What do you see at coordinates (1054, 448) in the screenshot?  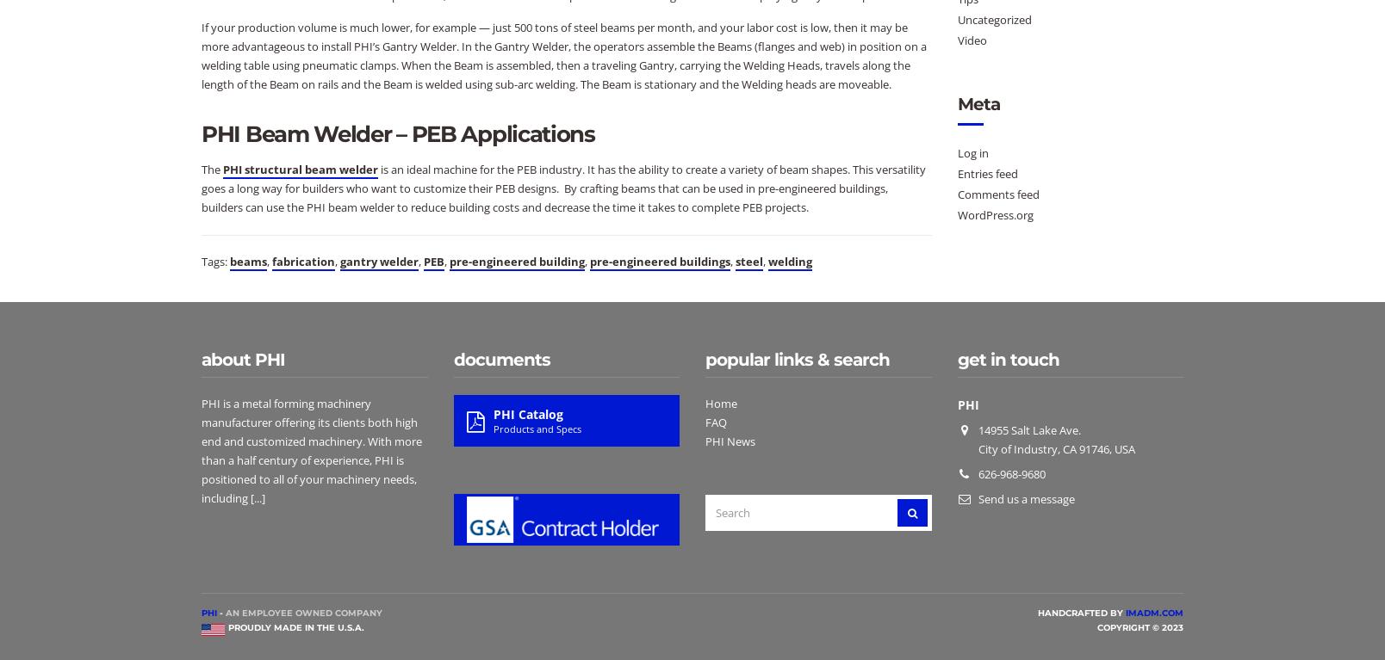 I see `'City of Industry, CA 91746, USA'` at bounding box center [1054, 448].